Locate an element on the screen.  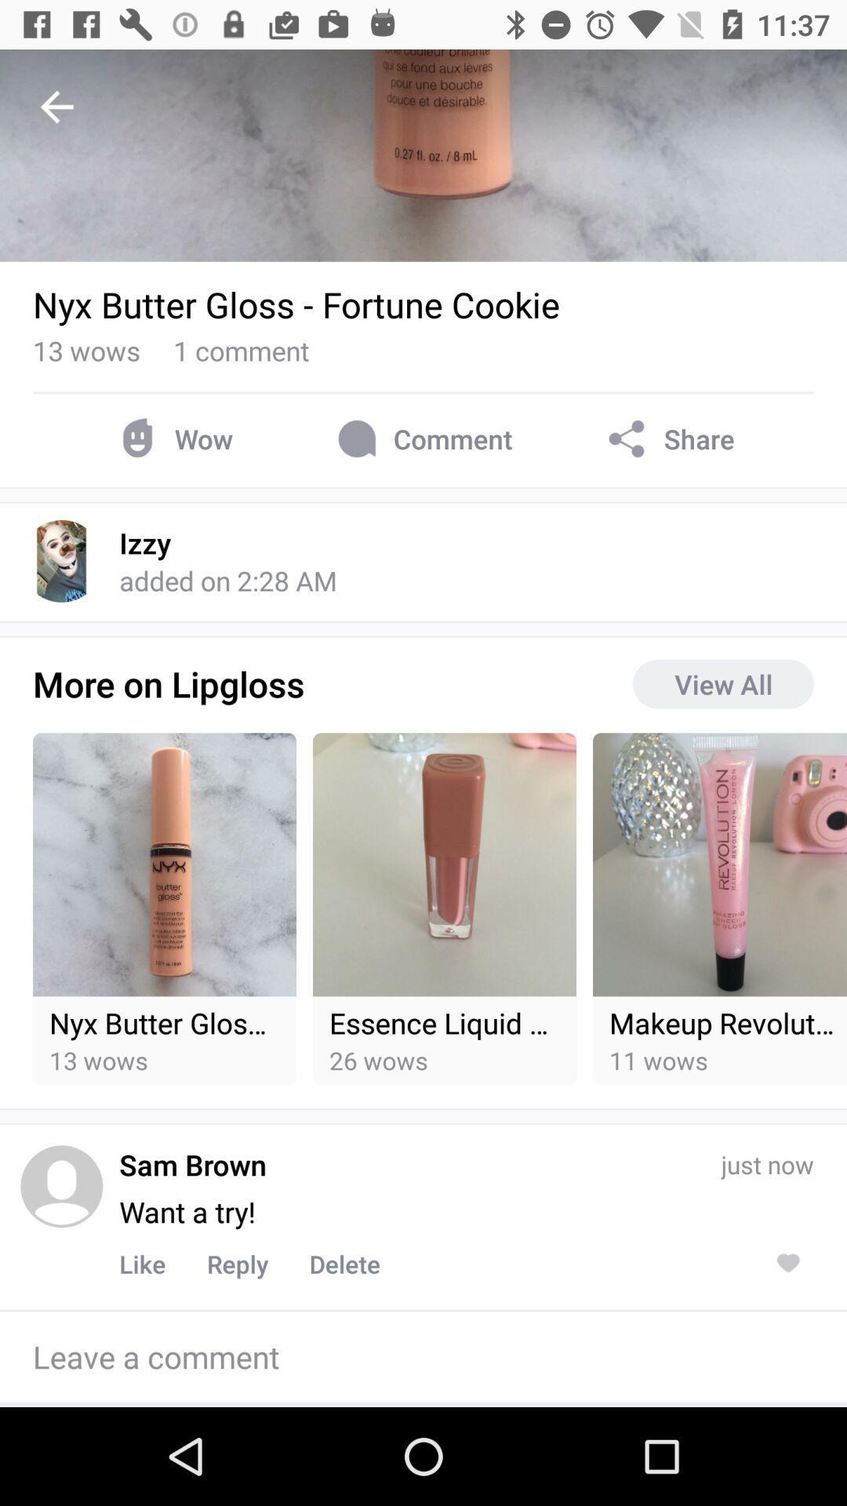
the 1 comment is located at coordinates (241, 349).